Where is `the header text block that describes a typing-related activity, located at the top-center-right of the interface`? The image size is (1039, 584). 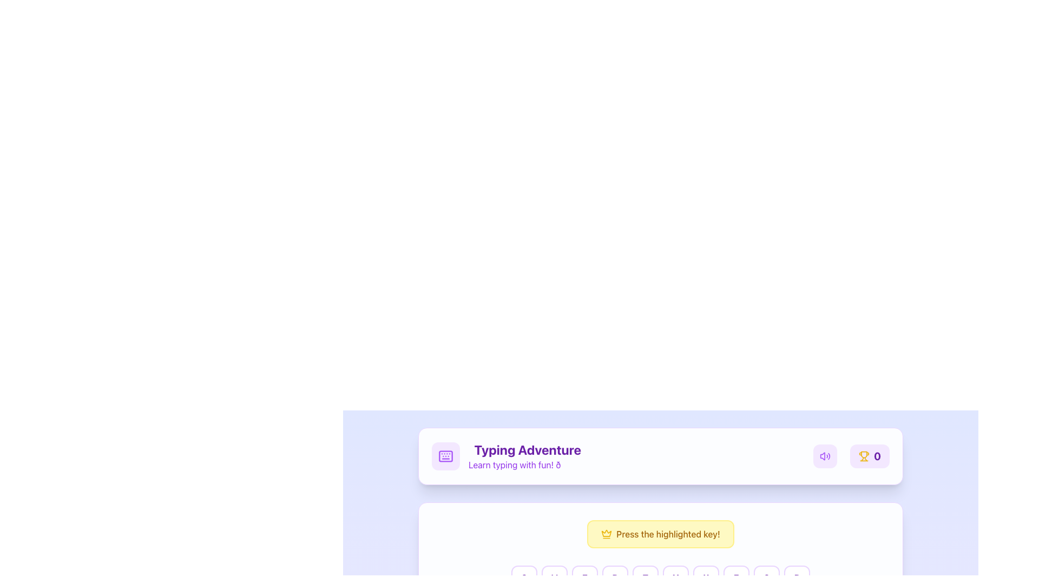
the header text block that describes a typing-related activity, located at the top-center-right of the interface is located at coordinates (528, 456).